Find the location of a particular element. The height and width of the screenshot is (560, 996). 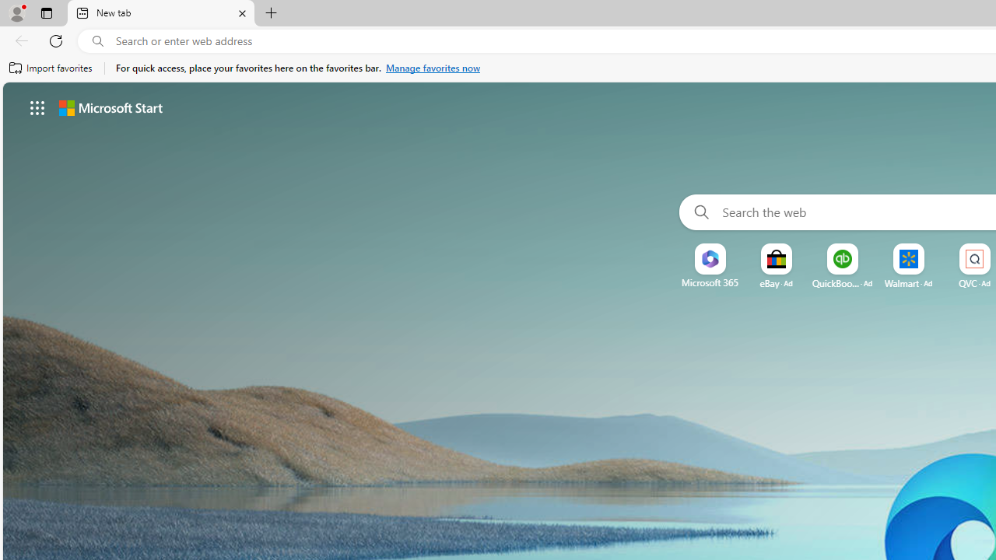

'Search icon' is located at coordinates (97, 40).